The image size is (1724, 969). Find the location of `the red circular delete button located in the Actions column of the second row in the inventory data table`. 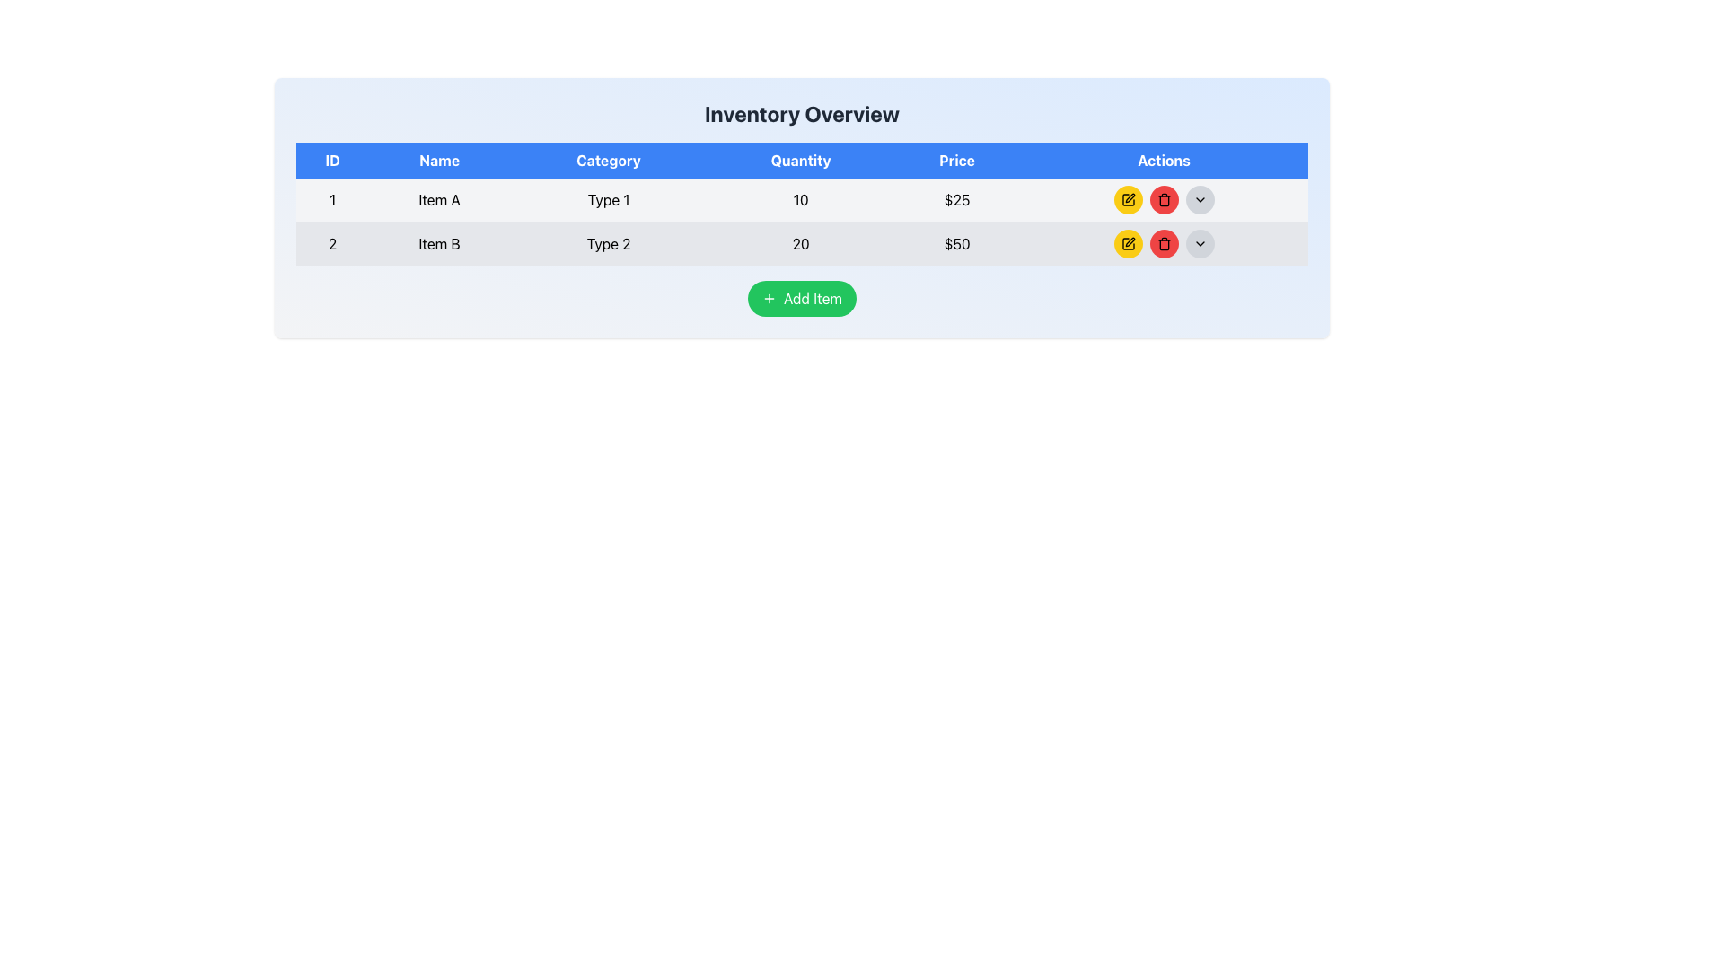

the red circular delete button located in the Actions column of the second row in the inventory data table is located at coordinates (1164, 200).